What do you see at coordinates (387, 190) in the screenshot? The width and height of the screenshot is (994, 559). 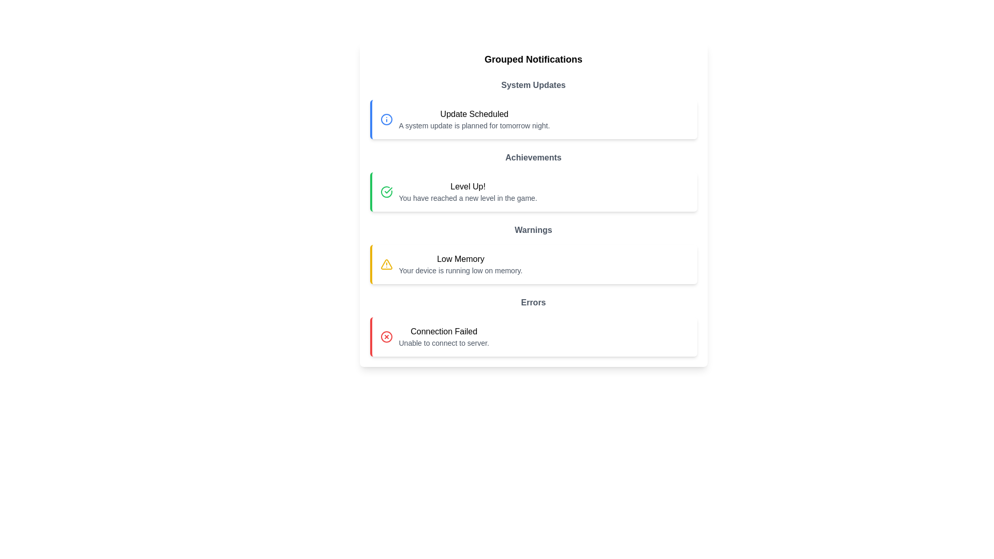 I see `the green checkmark icon located within the second notification item under the 'Achievements' section` at bounding box center [387, 190].